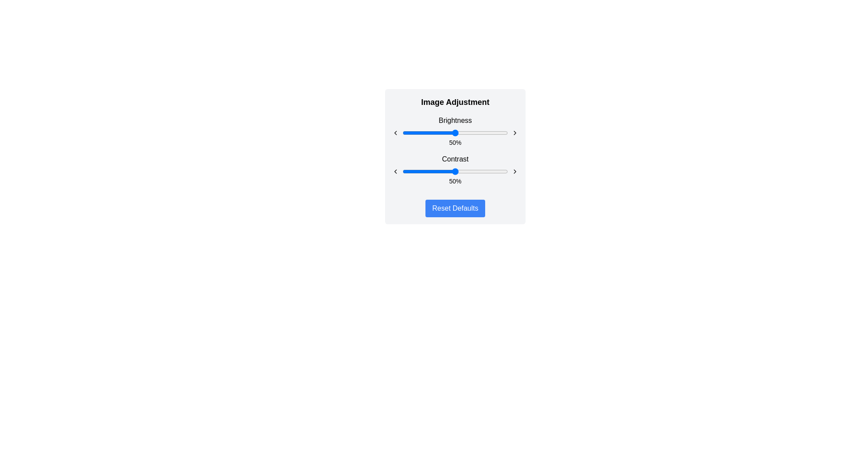 This screenshot has width=843, height=474. What do you see at coordinates (447, 133) in the screenshot?
I see `brightness` at bounding box center [447, 133].